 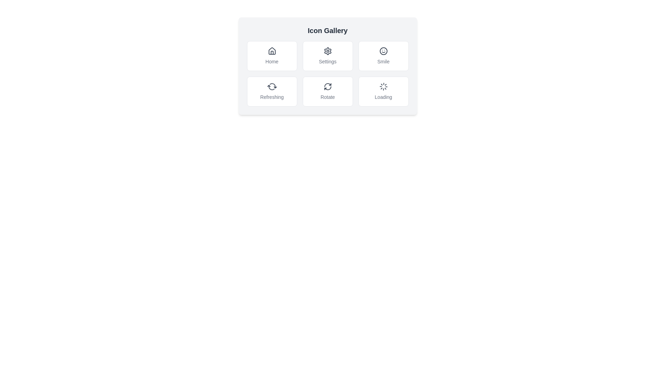 I want to click on the non-interactive card element displaying a loading animation and text, located in the bottom-right corner of the grid, so click(x=383, y=91).